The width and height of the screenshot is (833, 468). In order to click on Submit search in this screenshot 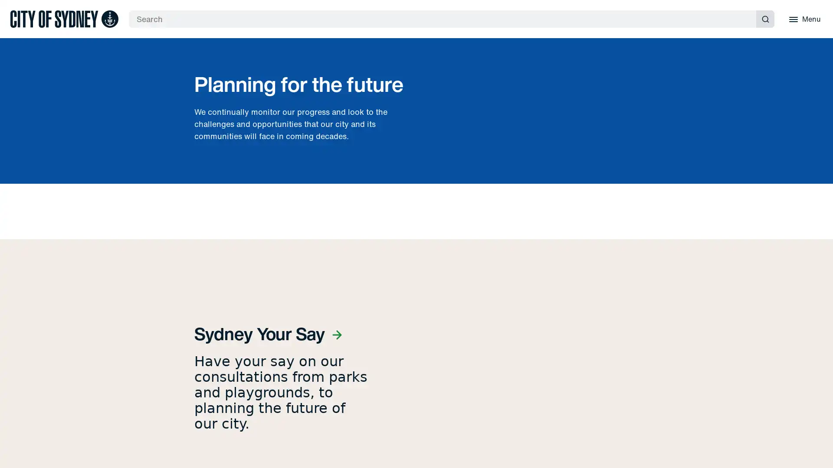, I will do `click(765, 19)`.